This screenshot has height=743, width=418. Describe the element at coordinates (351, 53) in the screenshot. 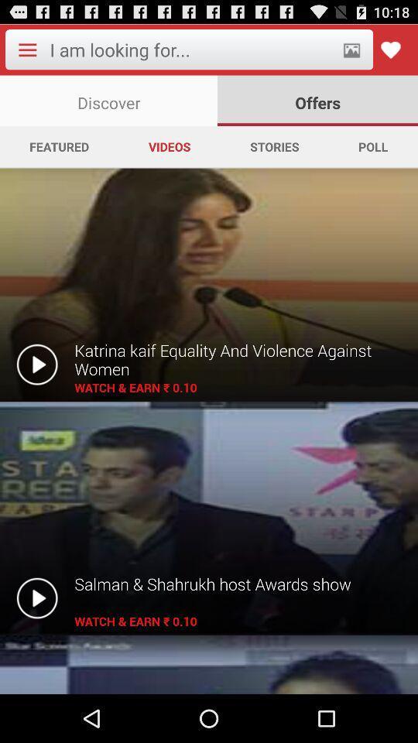

I see `the wallpaper icon` at that location.